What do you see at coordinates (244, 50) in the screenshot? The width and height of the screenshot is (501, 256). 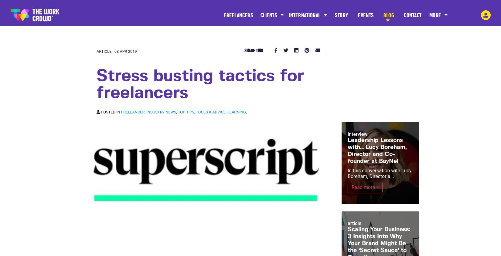 I see `'SHARE THIS'` at bounding box center [244, 50].